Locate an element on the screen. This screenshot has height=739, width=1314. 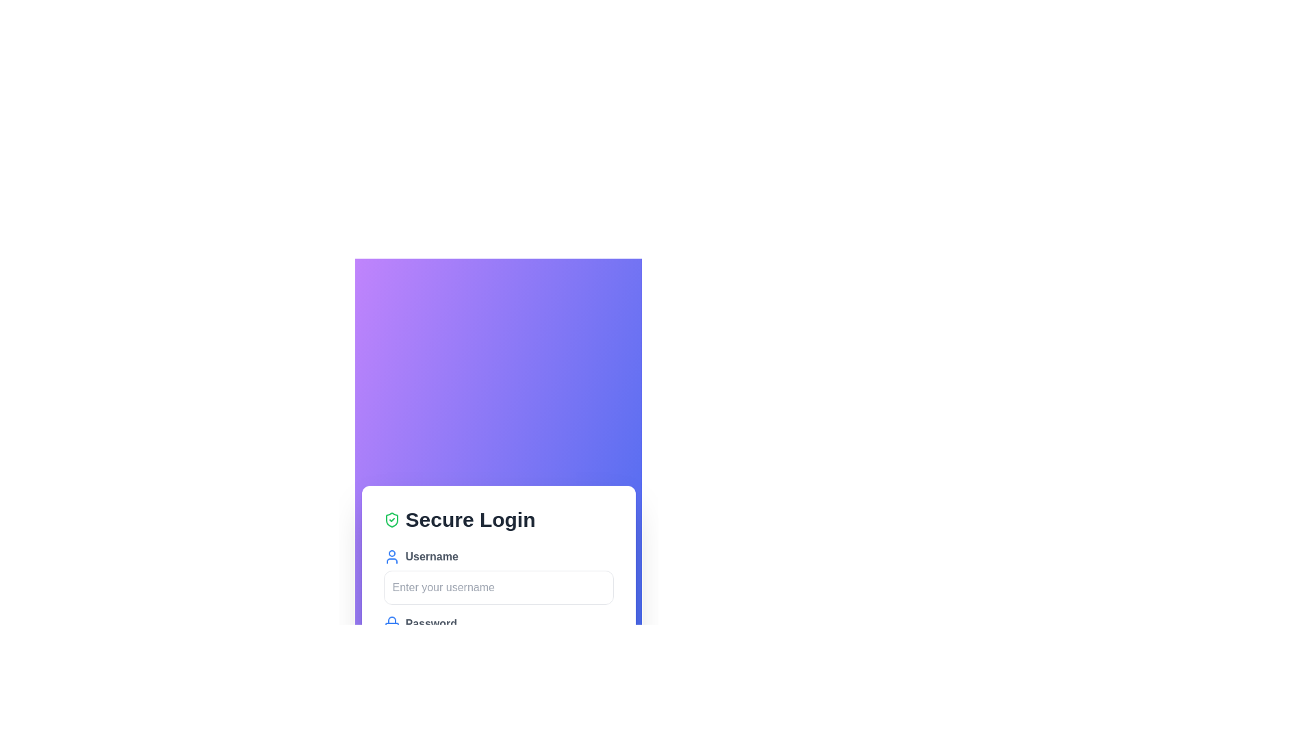
the bottom portion of the lock icon component that visually enhances the secure password field is located at coordinates (391, 627).